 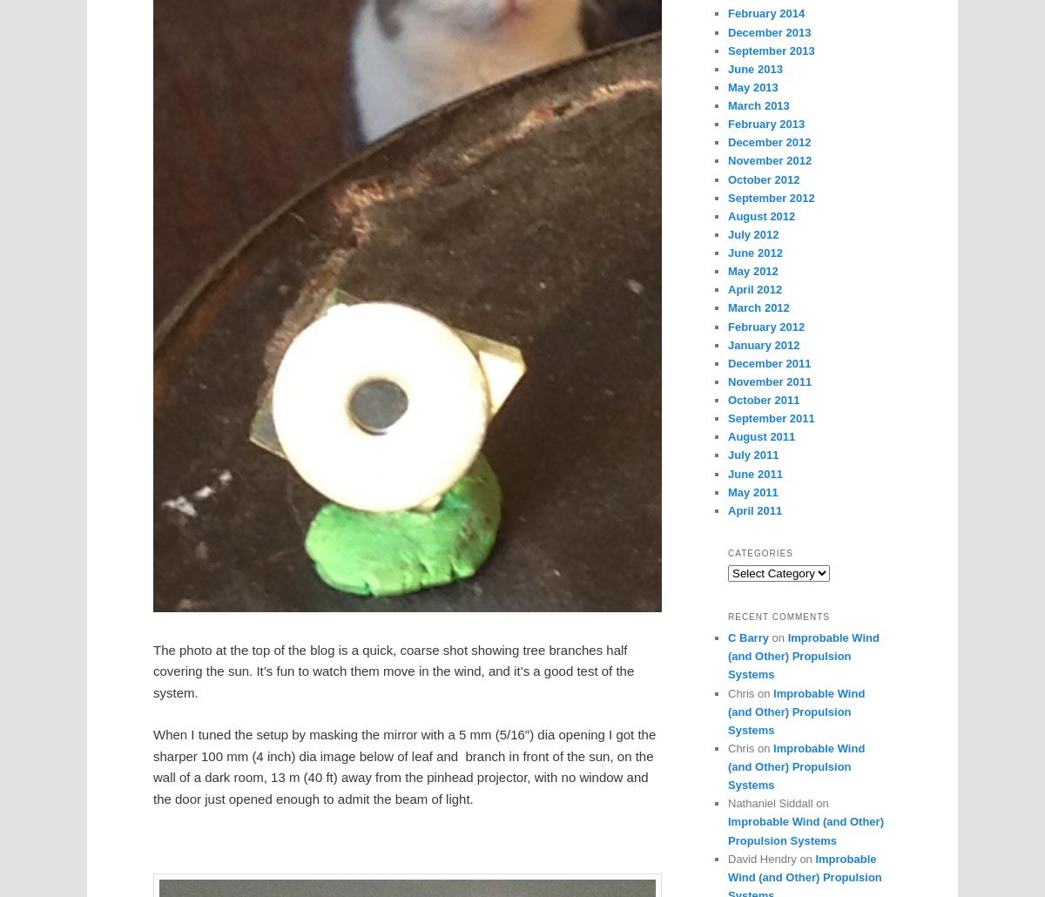 What do you see at coordinates (770, 50) in the screenshot?
I see `'September 2013'` at bounding box center [770, 50].